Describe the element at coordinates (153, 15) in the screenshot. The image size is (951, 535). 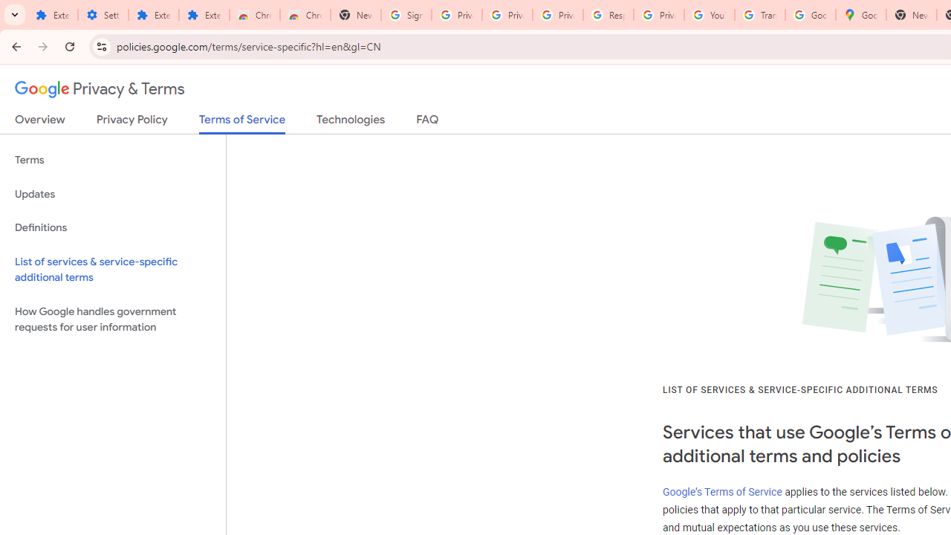
I see `'Extensions'` at that location.